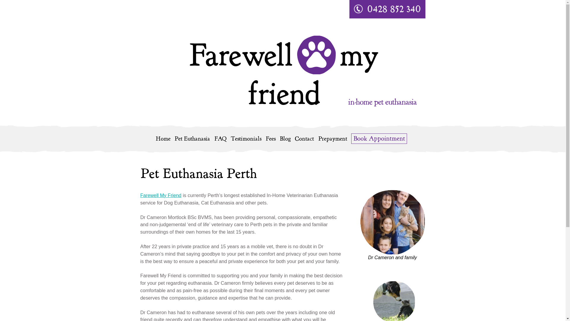 This screenshot has height=321, width=570. What do you see at coordinates (220, 139) in the screenshot?
I see `'FAQ'` at bounding box center [220, 139].